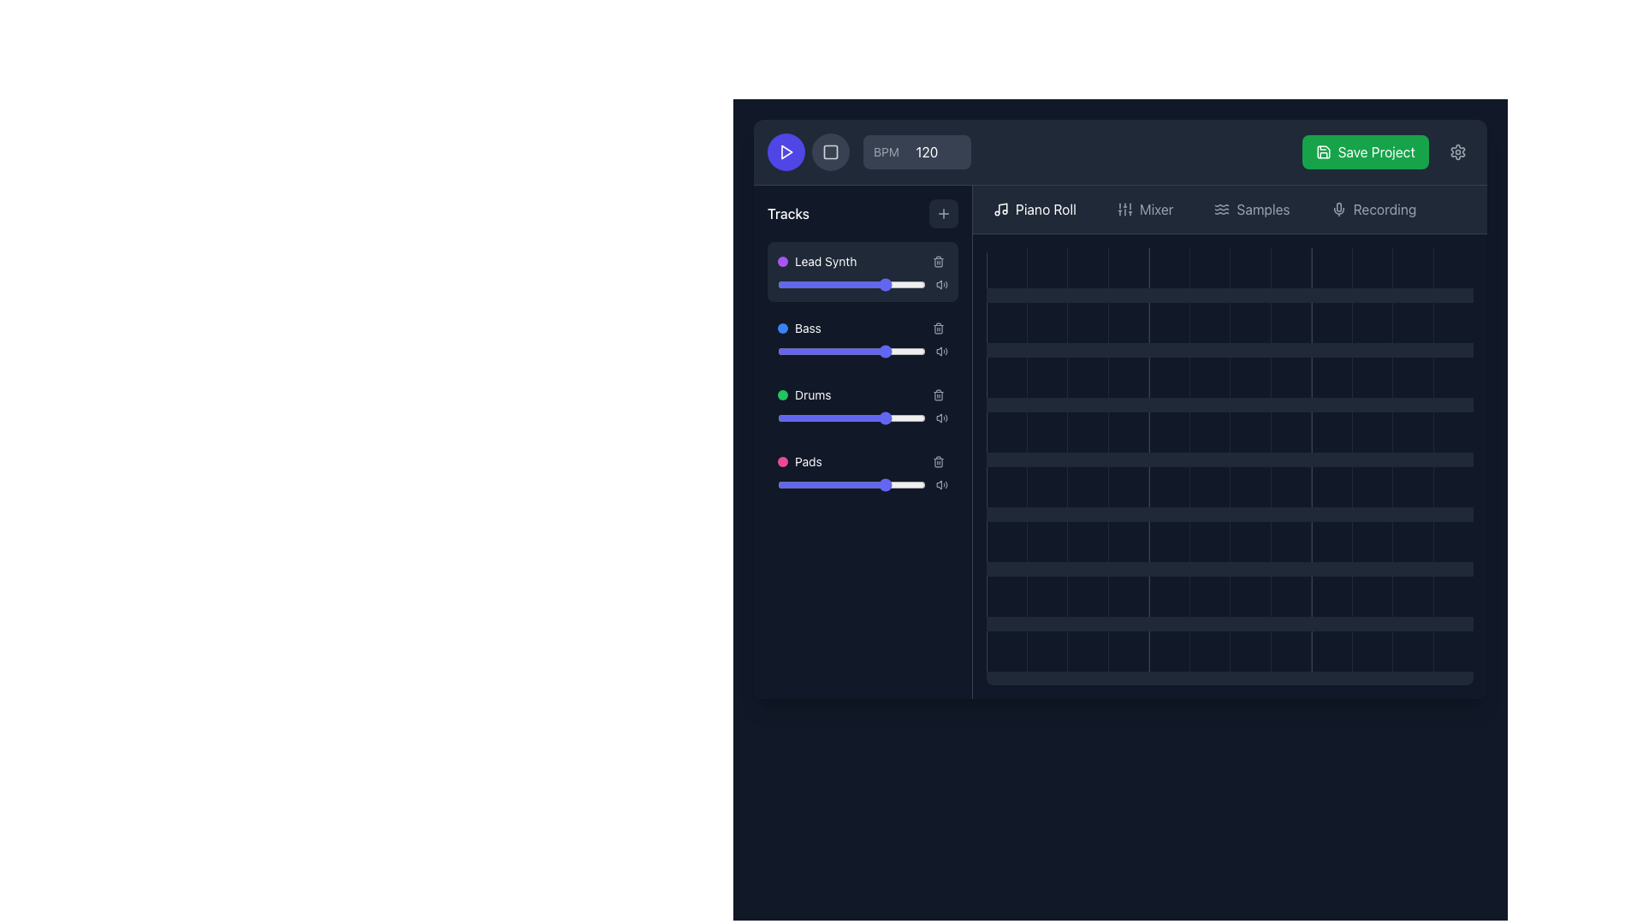 This screenshot has width=1643, height=924. What do you see at coordinates (1290, 431) in the screenshot?
I see `the dark gray grid cell located in the fourth row and eighth column of the grid layout` at bounding box center [1290, 431].